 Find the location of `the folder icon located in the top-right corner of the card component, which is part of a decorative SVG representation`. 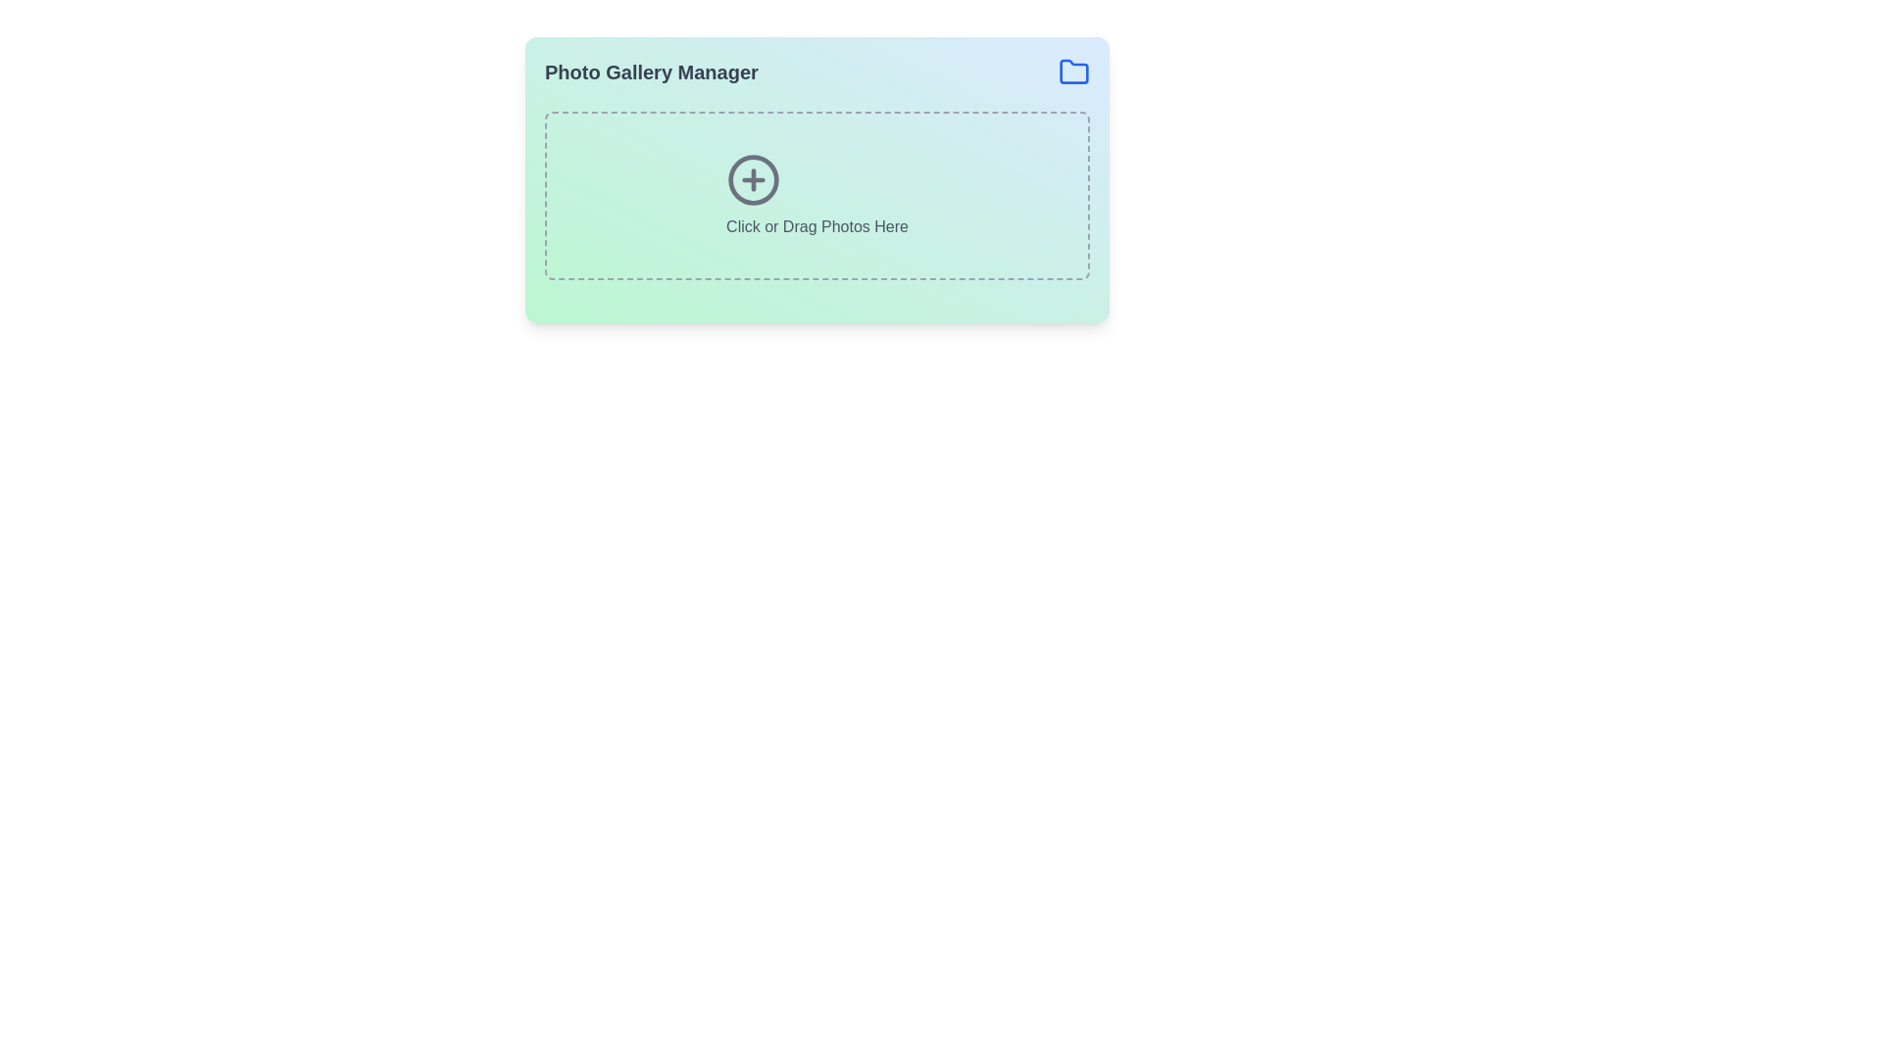

the folder icon located in the top-right corner of the card component, which is part of a decorative SVG representation is located at coordinates (1072, 71).